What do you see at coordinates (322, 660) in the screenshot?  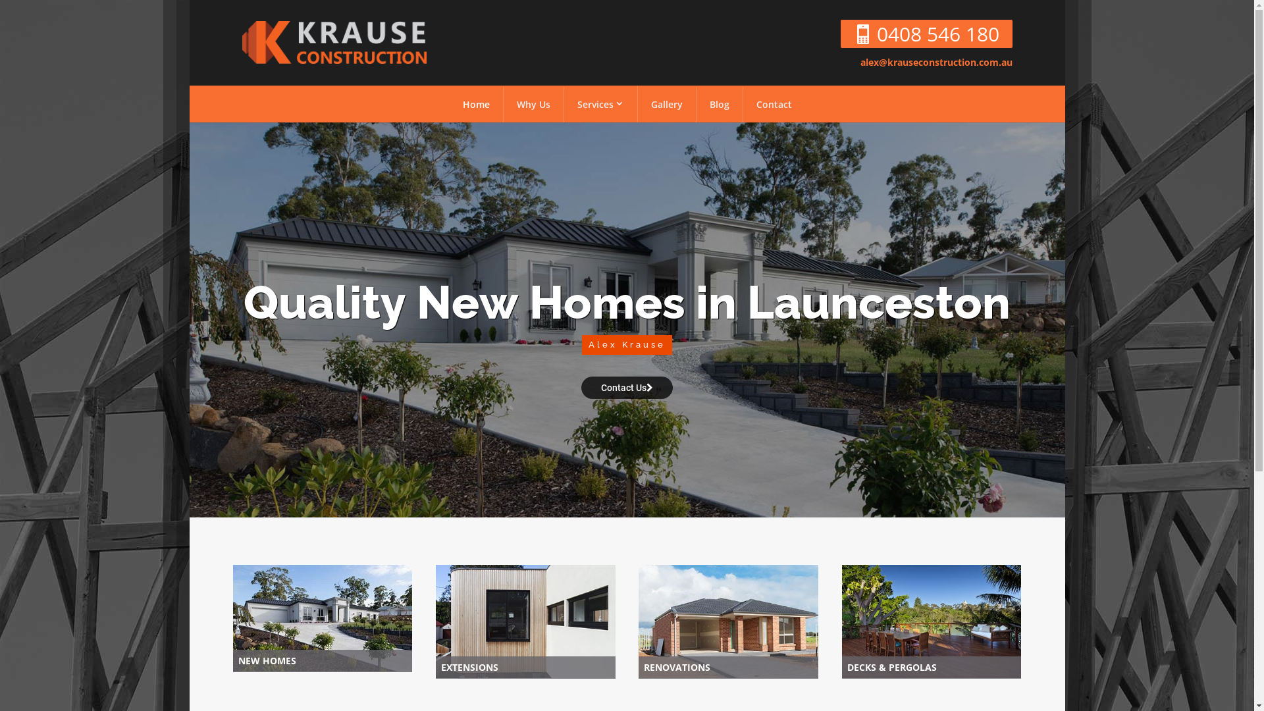 I see `'NEW HOMES'` at bounding box center [322, 660].